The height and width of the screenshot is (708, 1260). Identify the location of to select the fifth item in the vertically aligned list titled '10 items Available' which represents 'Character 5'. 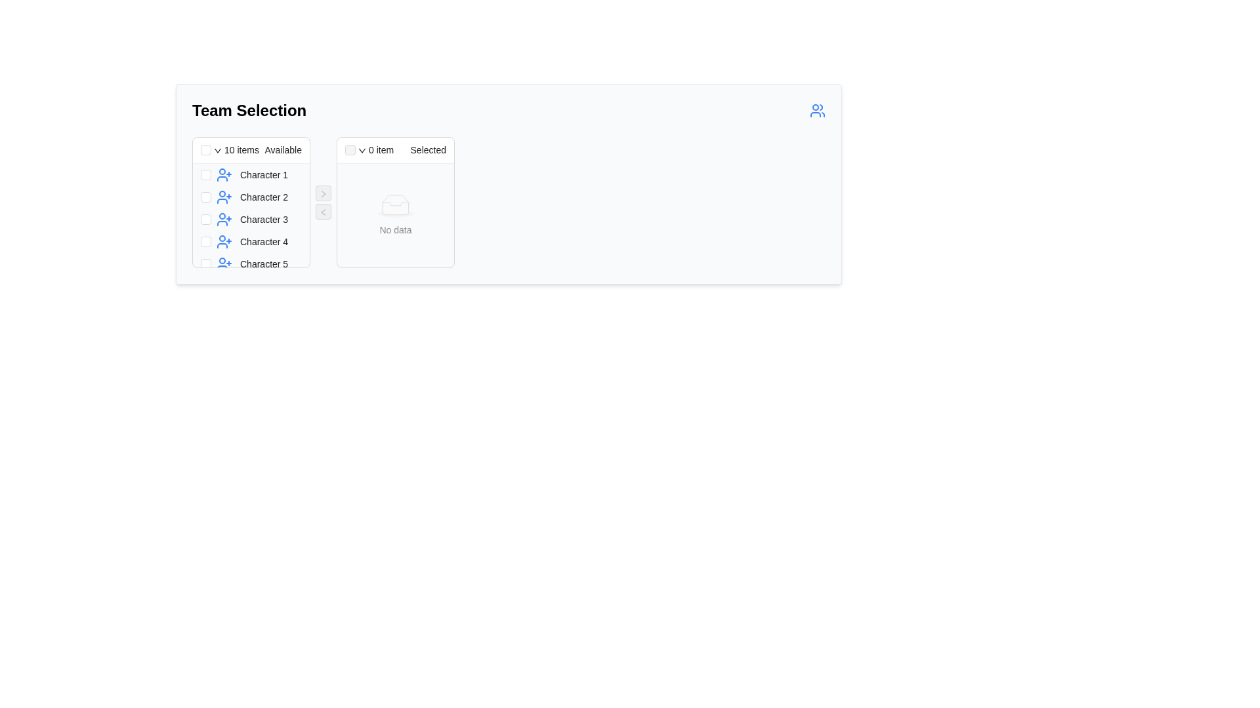
(259, 264).